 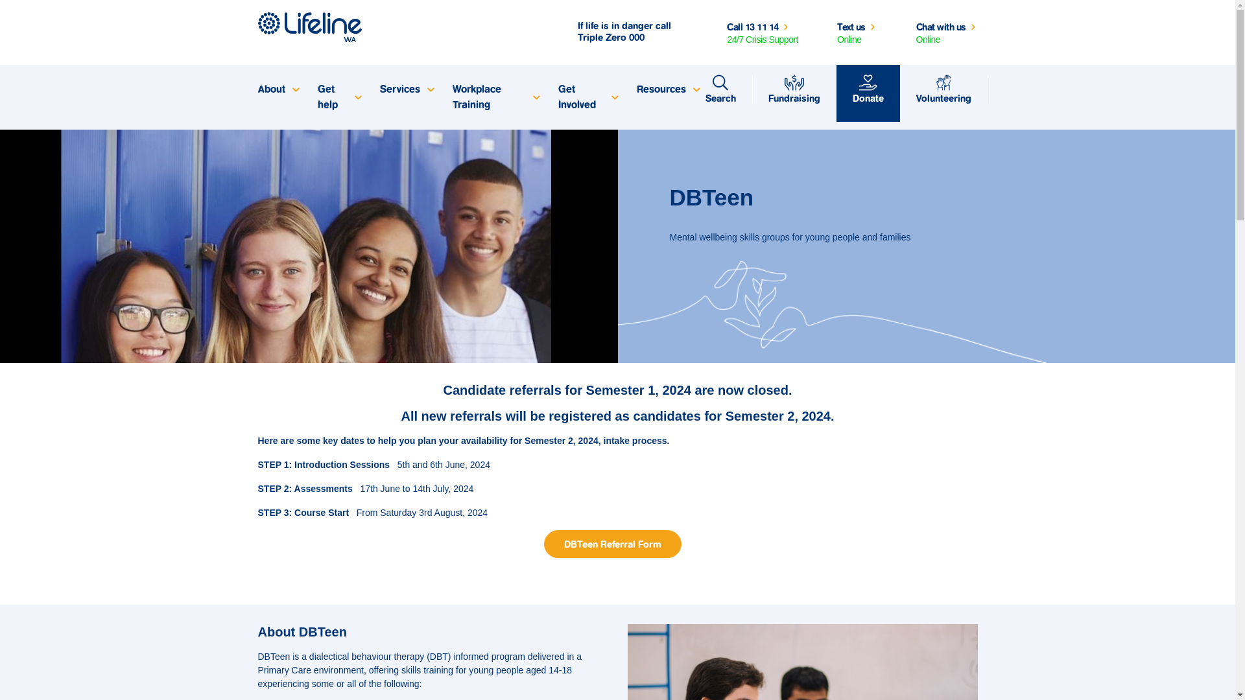 What do you see at coordinates (857, 32) in the screenshot?
I see `'Text us` at bounding box center [857, 32].